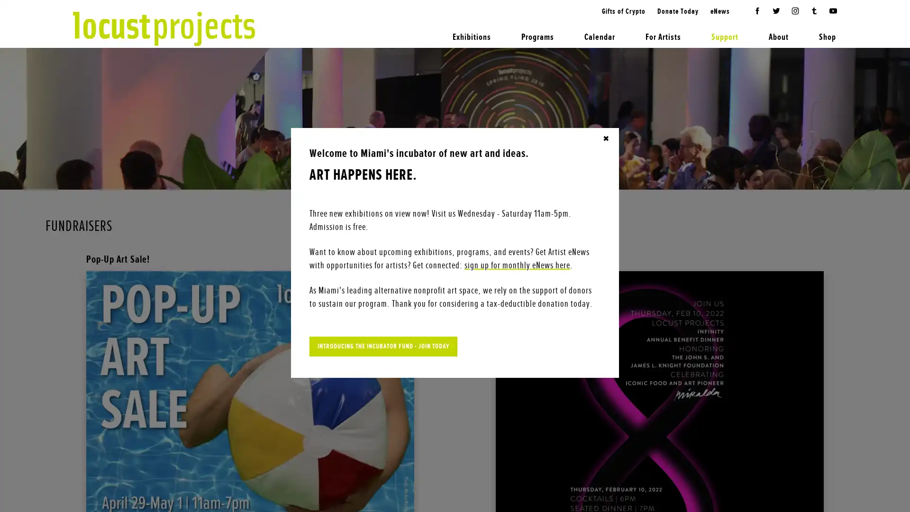 This screenshot has width=910, height=512. I want to click on INTRODUCING THE INCUBATOR FUND - JOIN TODAY, so click(382, 346).